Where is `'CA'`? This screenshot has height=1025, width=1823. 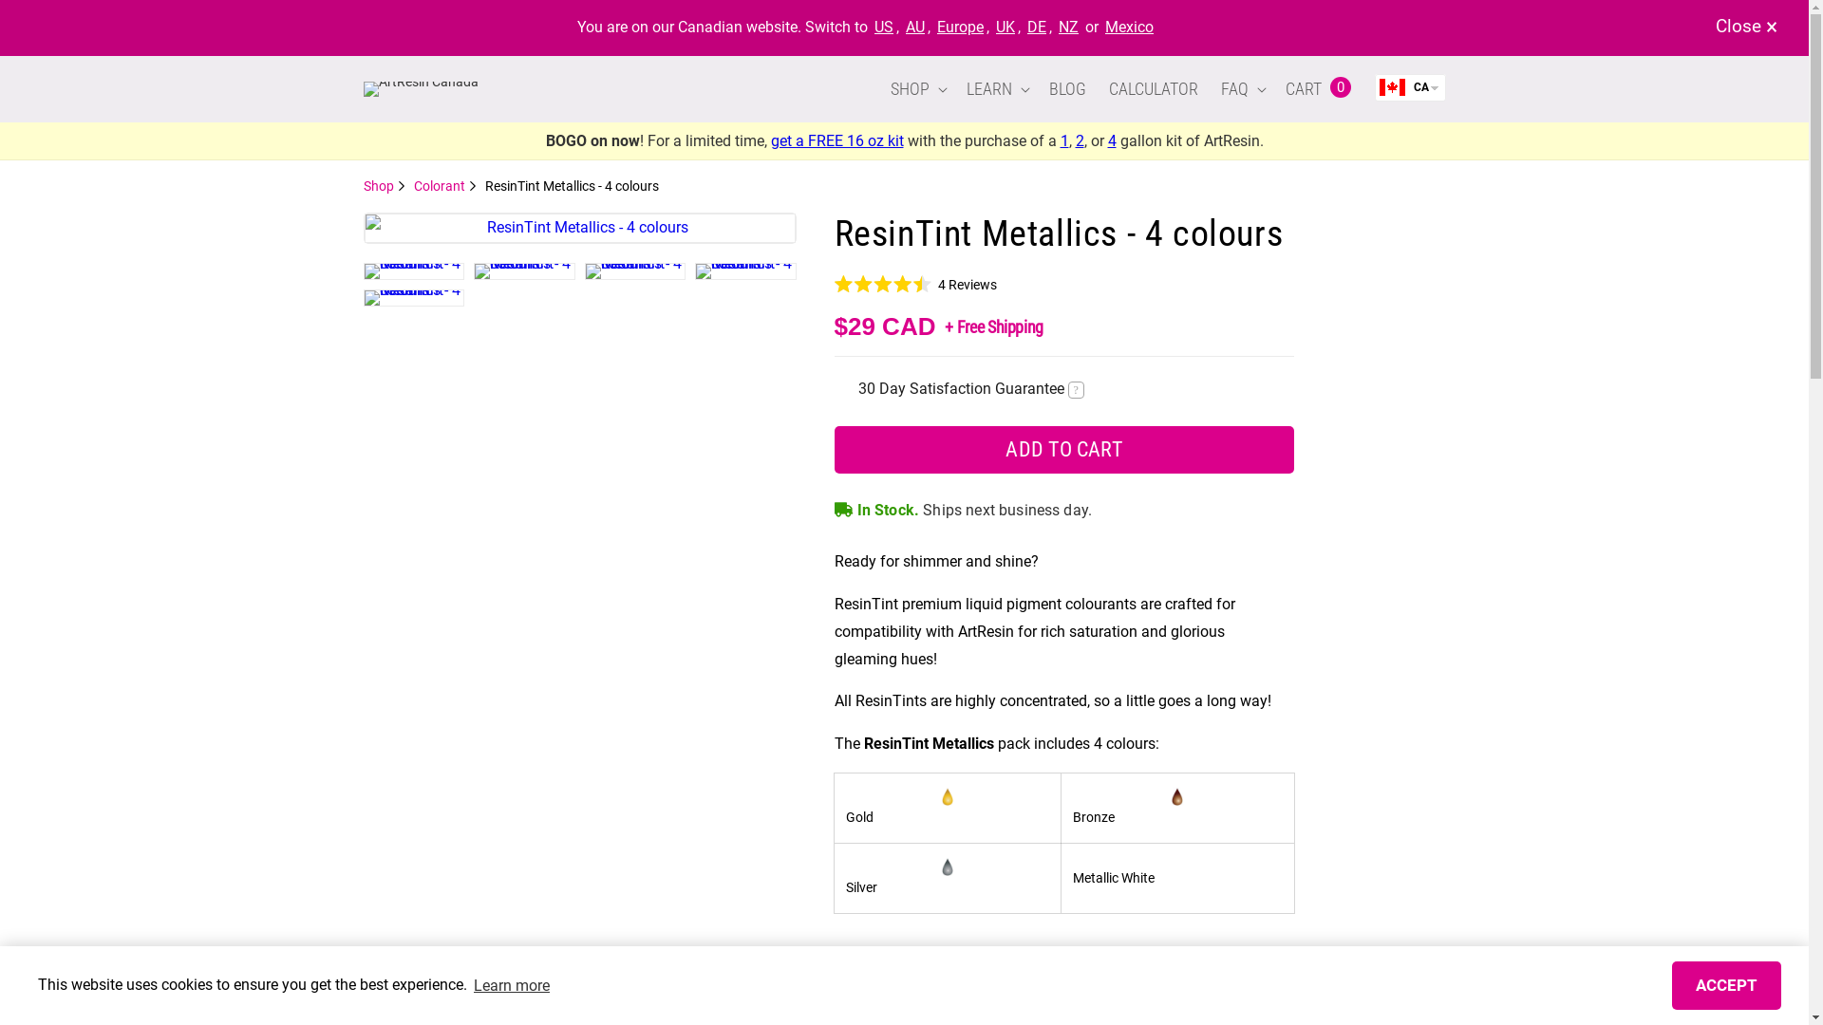
'CA' is located at coordinates (1375, 87).